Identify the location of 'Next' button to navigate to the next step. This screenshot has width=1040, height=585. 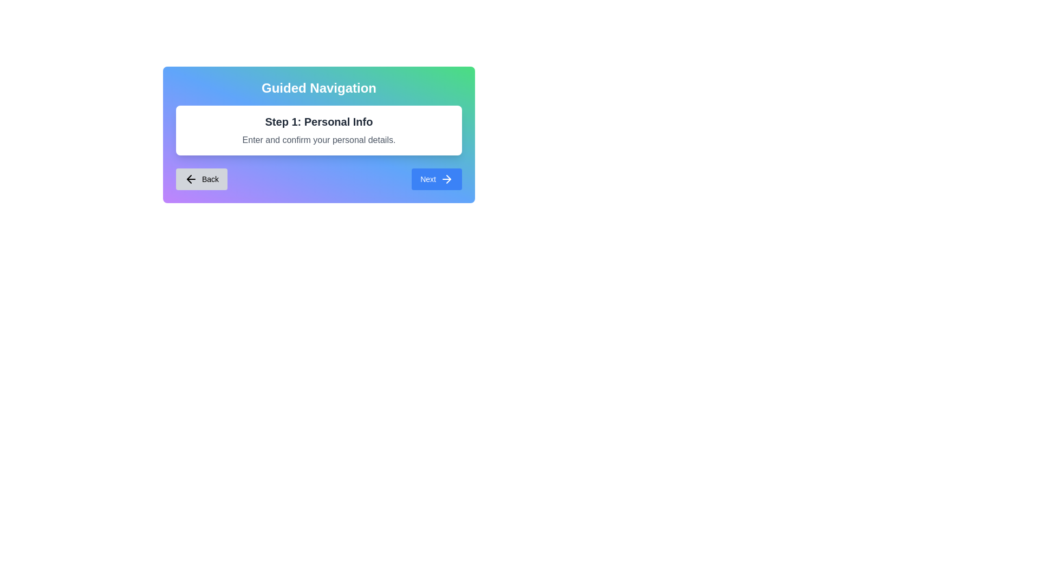
(437, 179).